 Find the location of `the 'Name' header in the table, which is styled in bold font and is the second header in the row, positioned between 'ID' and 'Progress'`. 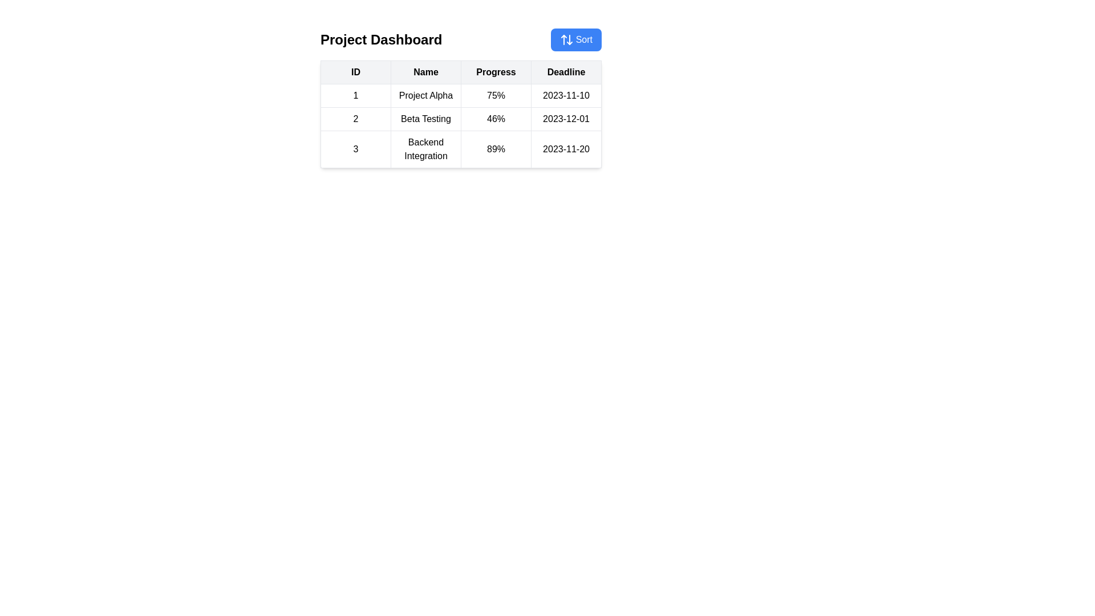

the 'Name' header in the table, which is styled in bold font and is the second header in the row, positioned between 'ID' and 'Progress' is located at coordinates (425, 72).